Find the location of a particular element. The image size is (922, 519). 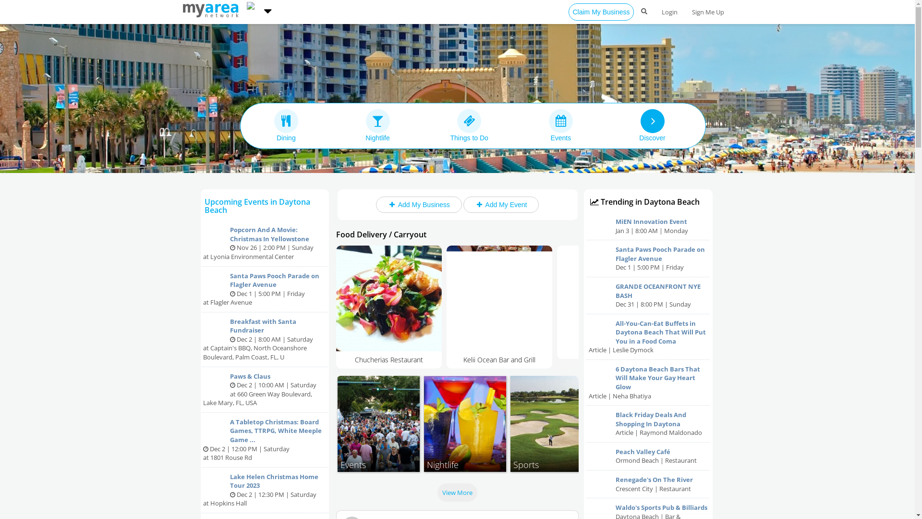

'Login' is located at coordinates (668, 12).